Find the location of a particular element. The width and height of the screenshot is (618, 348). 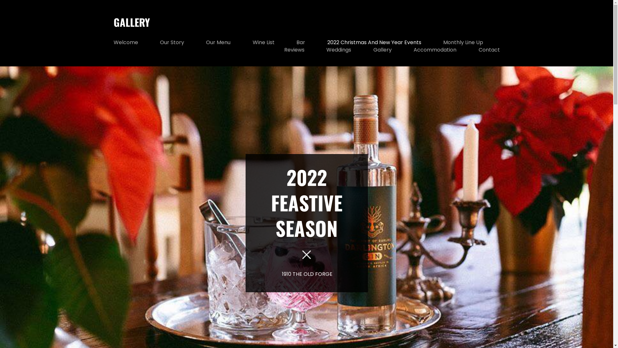

'Wine List' is located at coordinates (264, 42).